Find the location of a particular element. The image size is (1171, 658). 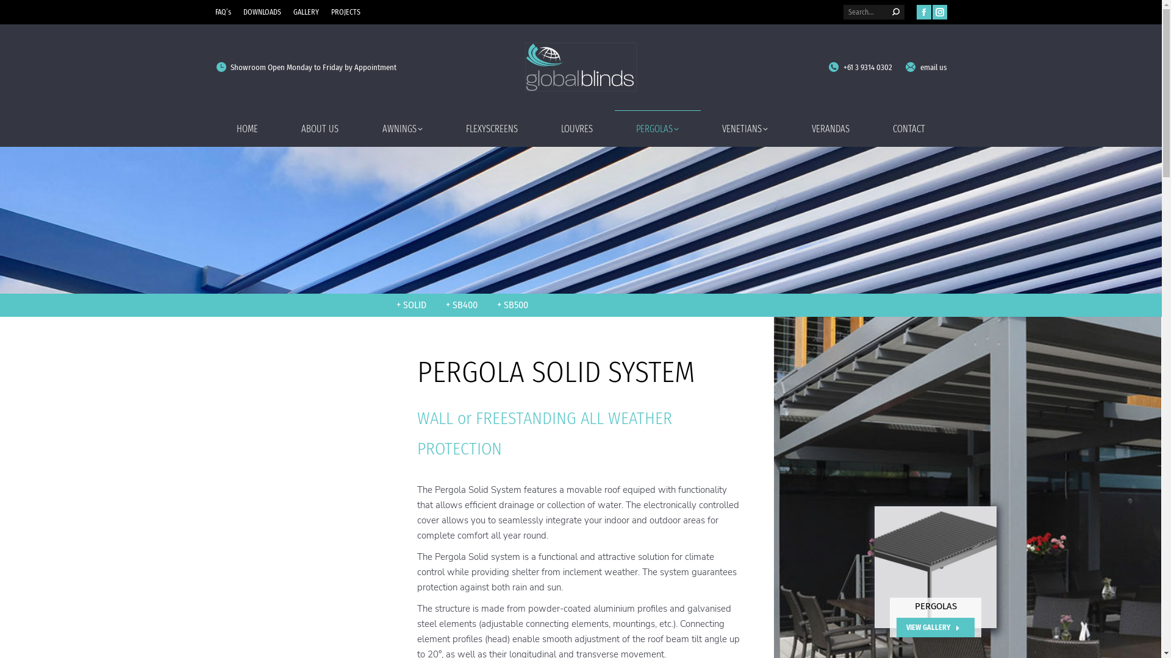

'Facebook page opens in new window' is located at coordinates (923, 12).